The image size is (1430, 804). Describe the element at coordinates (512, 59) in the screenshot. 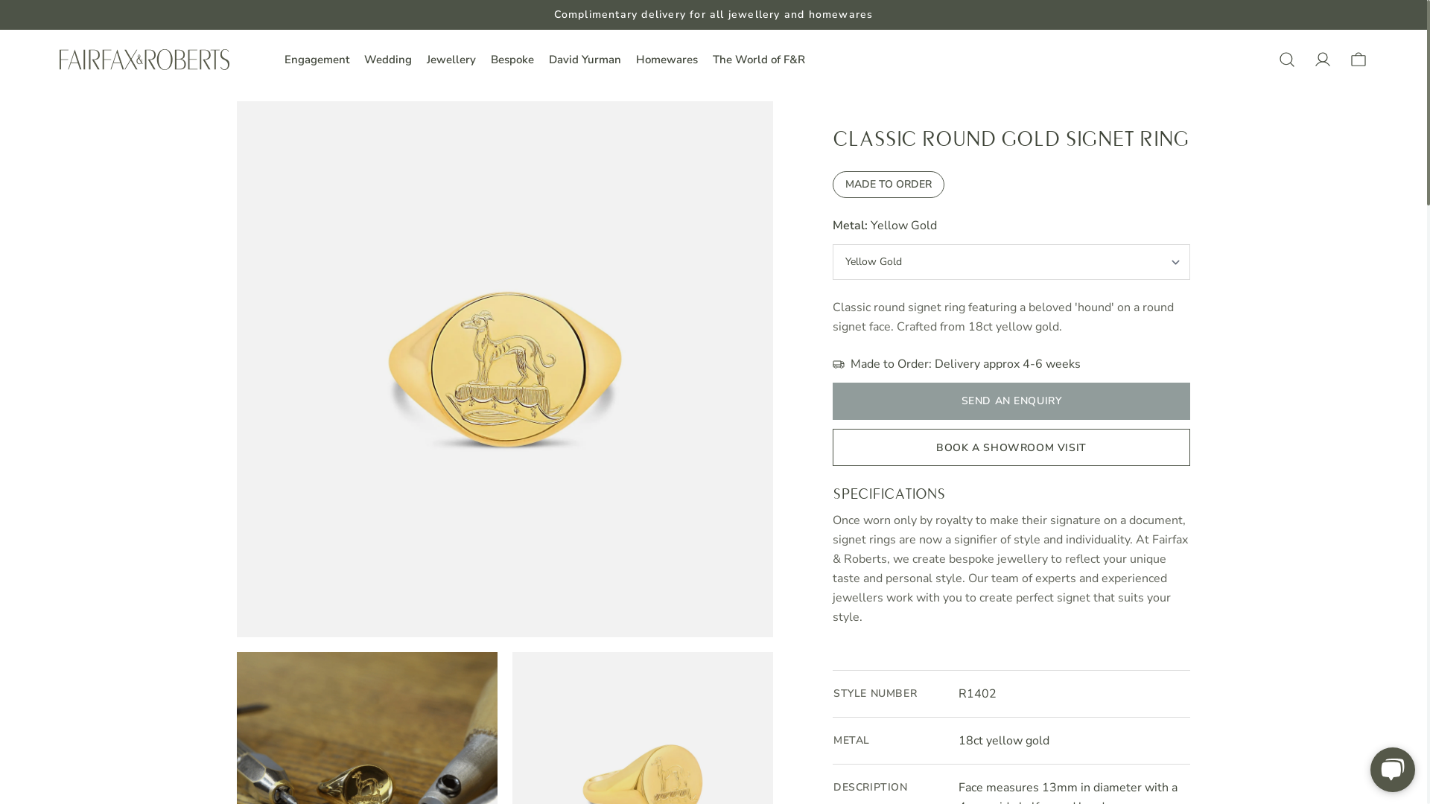

I see `'Bespoke'` at that location.